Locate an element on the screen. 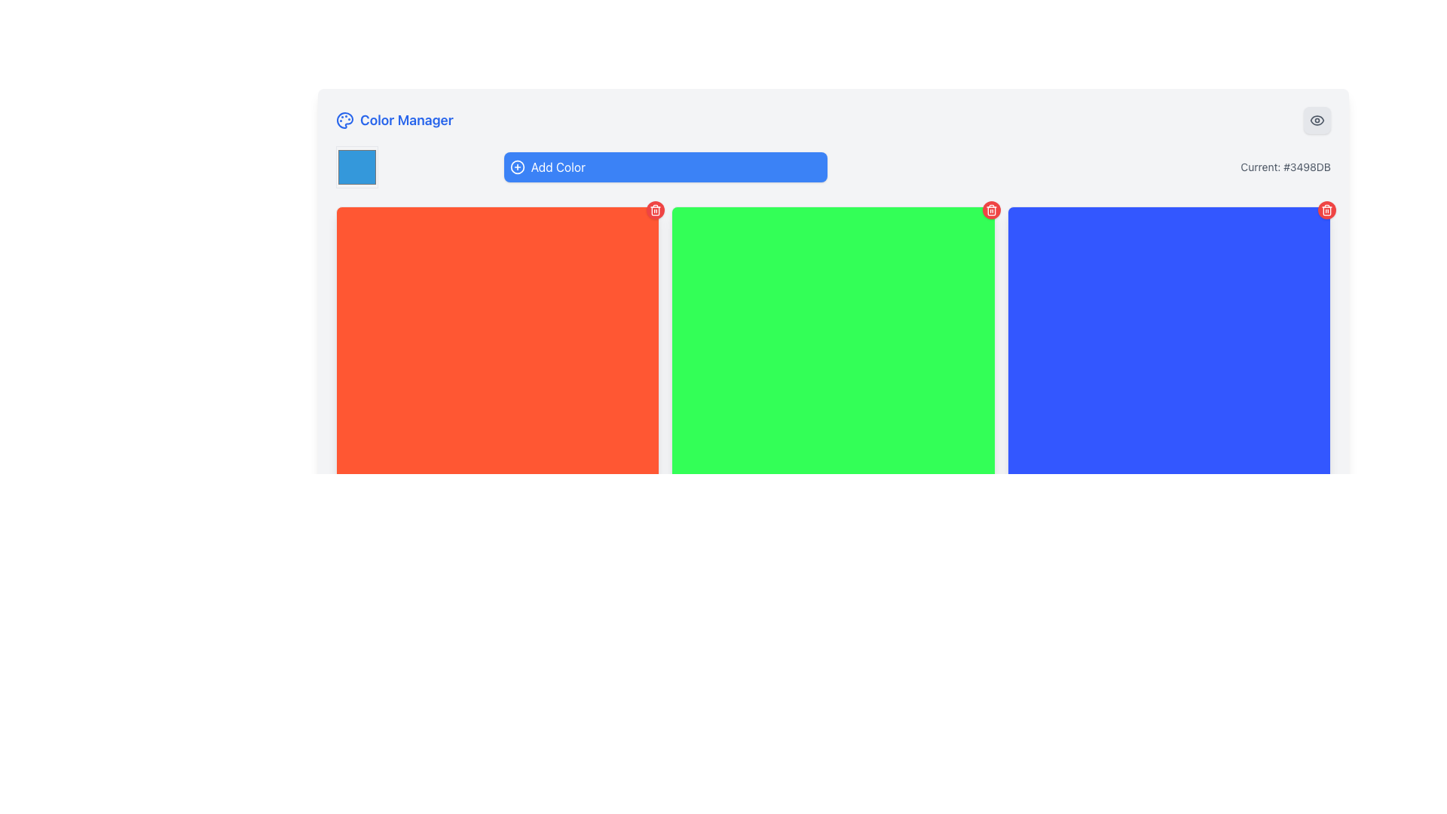  the Trash Can icon within the red circular button located at the top-right corner of the middle green panel is located at coordinates (656, 210).